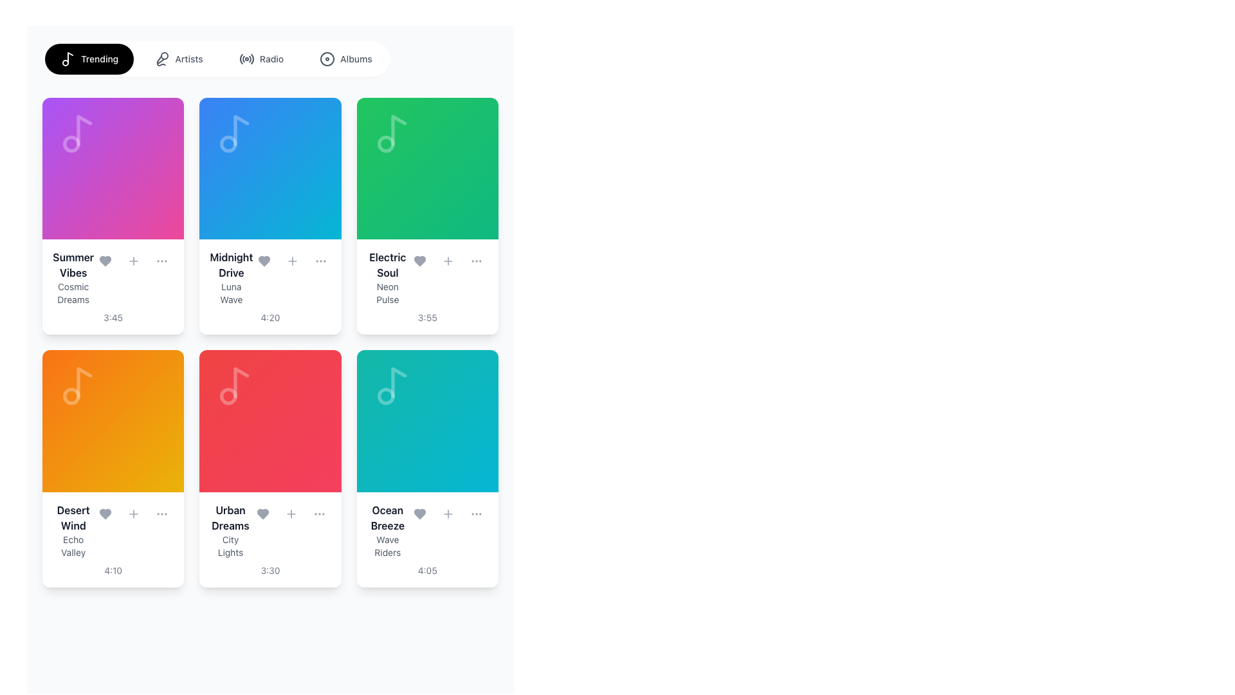 The height and width of the screenshot is (695, 1235). Describe the element at coordinates (161, 59) in the screenshot. I see `the 'Artists' menu item icon, which is the leftmost icon in the second option of the horizontal navigation bar at the top of the page` at that location.